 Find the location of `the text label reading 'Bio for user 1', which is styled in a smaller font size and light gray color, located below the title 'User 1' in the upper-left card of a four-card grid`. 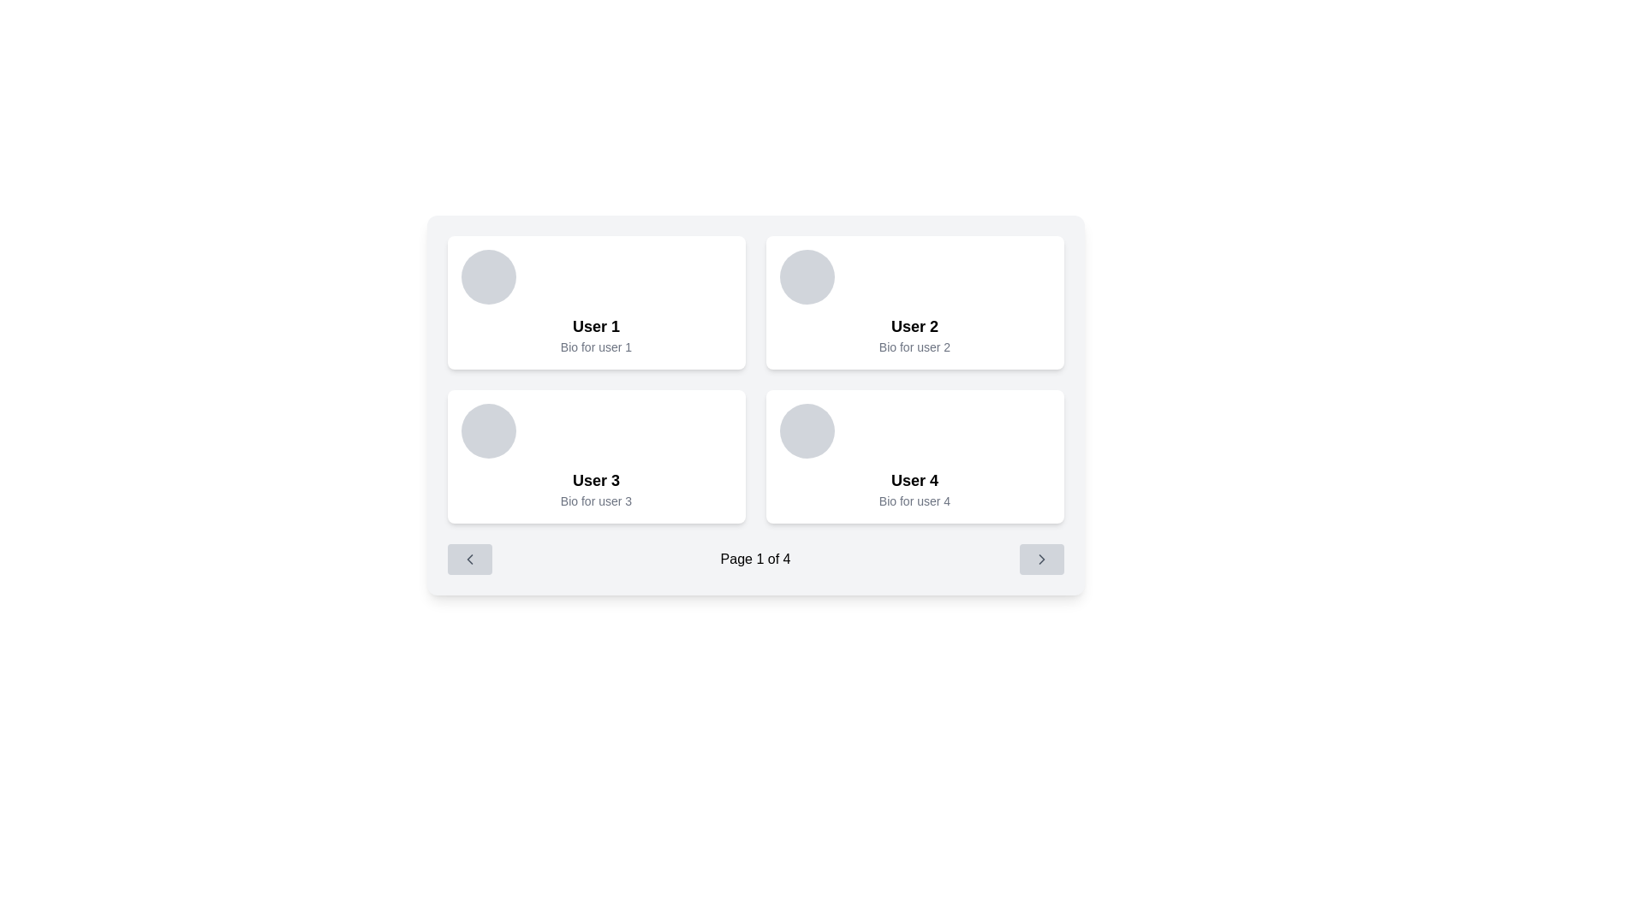

the text label reading 'Bio for user 1', which is styled in a smaller font size and light gray color, located below the title 'User 1' in the upper-left card of a four-card grid is located at coordinates (596, 346).